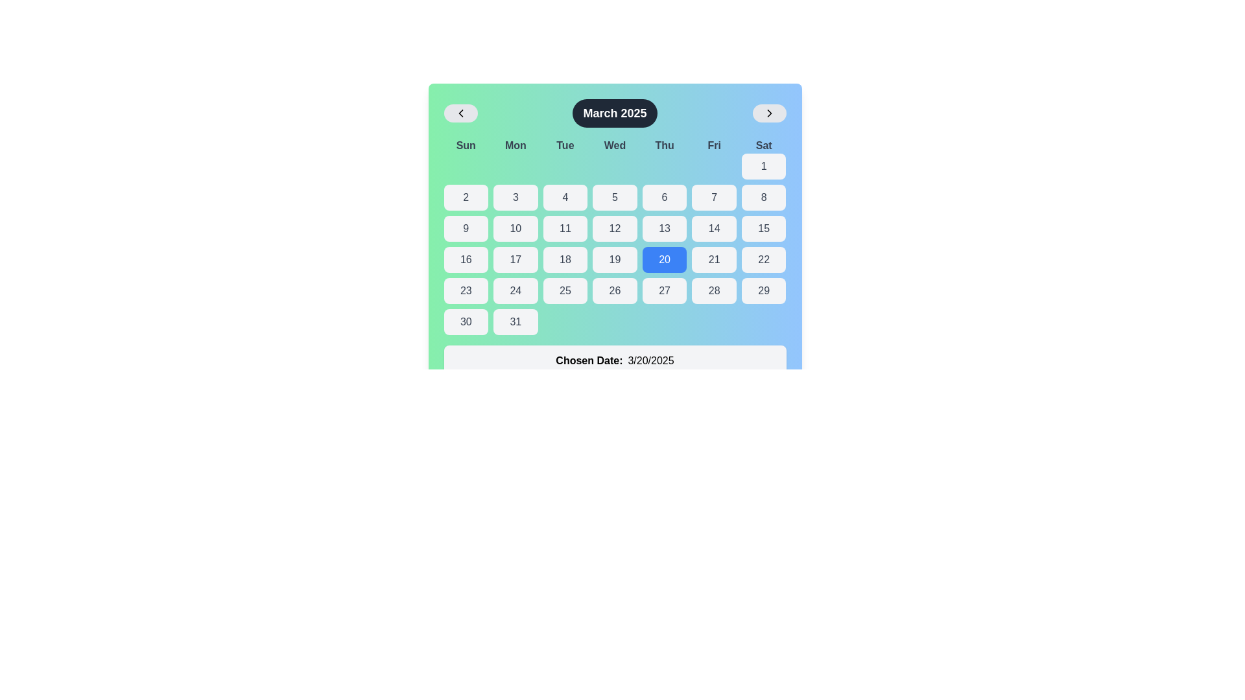  I want to click on the button representing the date '3' in the calendar interface located in the second row and second column under the 'Mon' column header, so click(515, 197).